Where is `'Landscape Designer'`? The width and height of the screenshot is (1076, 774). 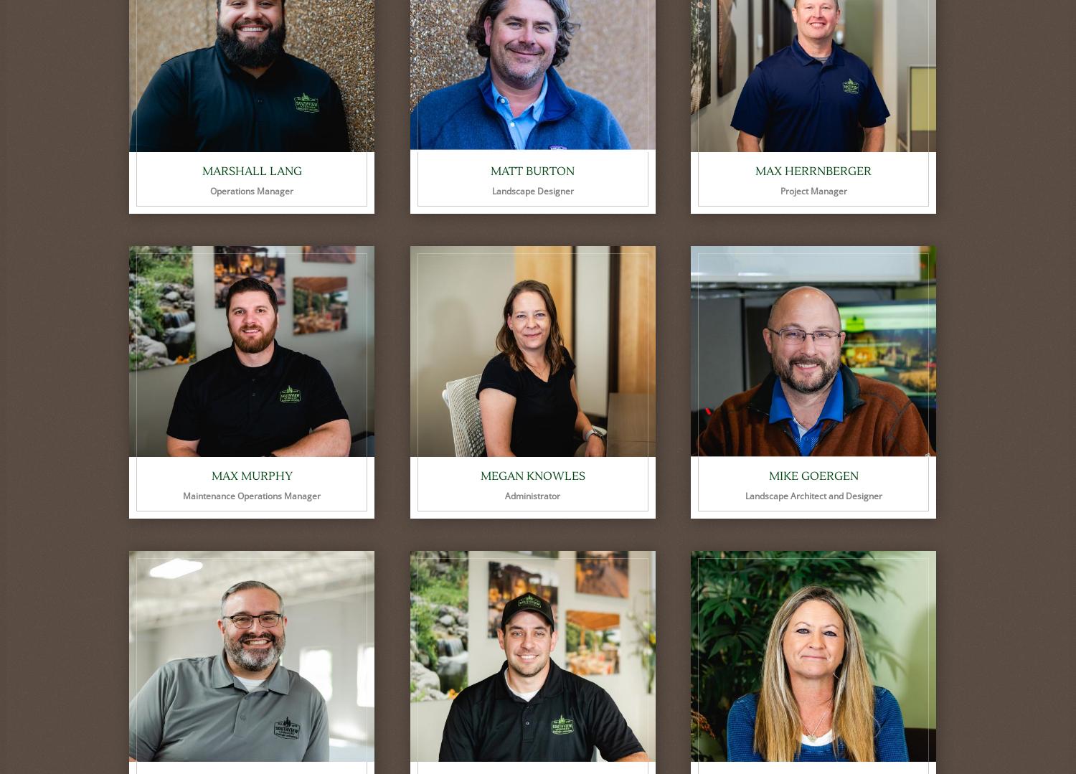
'Landscape Designer' is located at coordinates (491, 191).